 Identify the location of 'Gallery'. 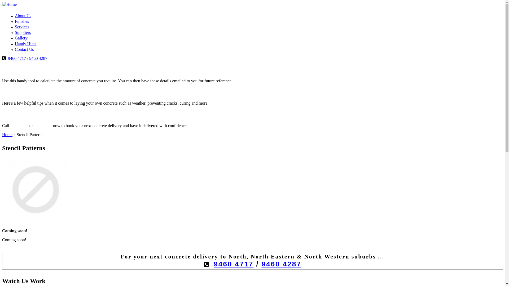
(21, 38).